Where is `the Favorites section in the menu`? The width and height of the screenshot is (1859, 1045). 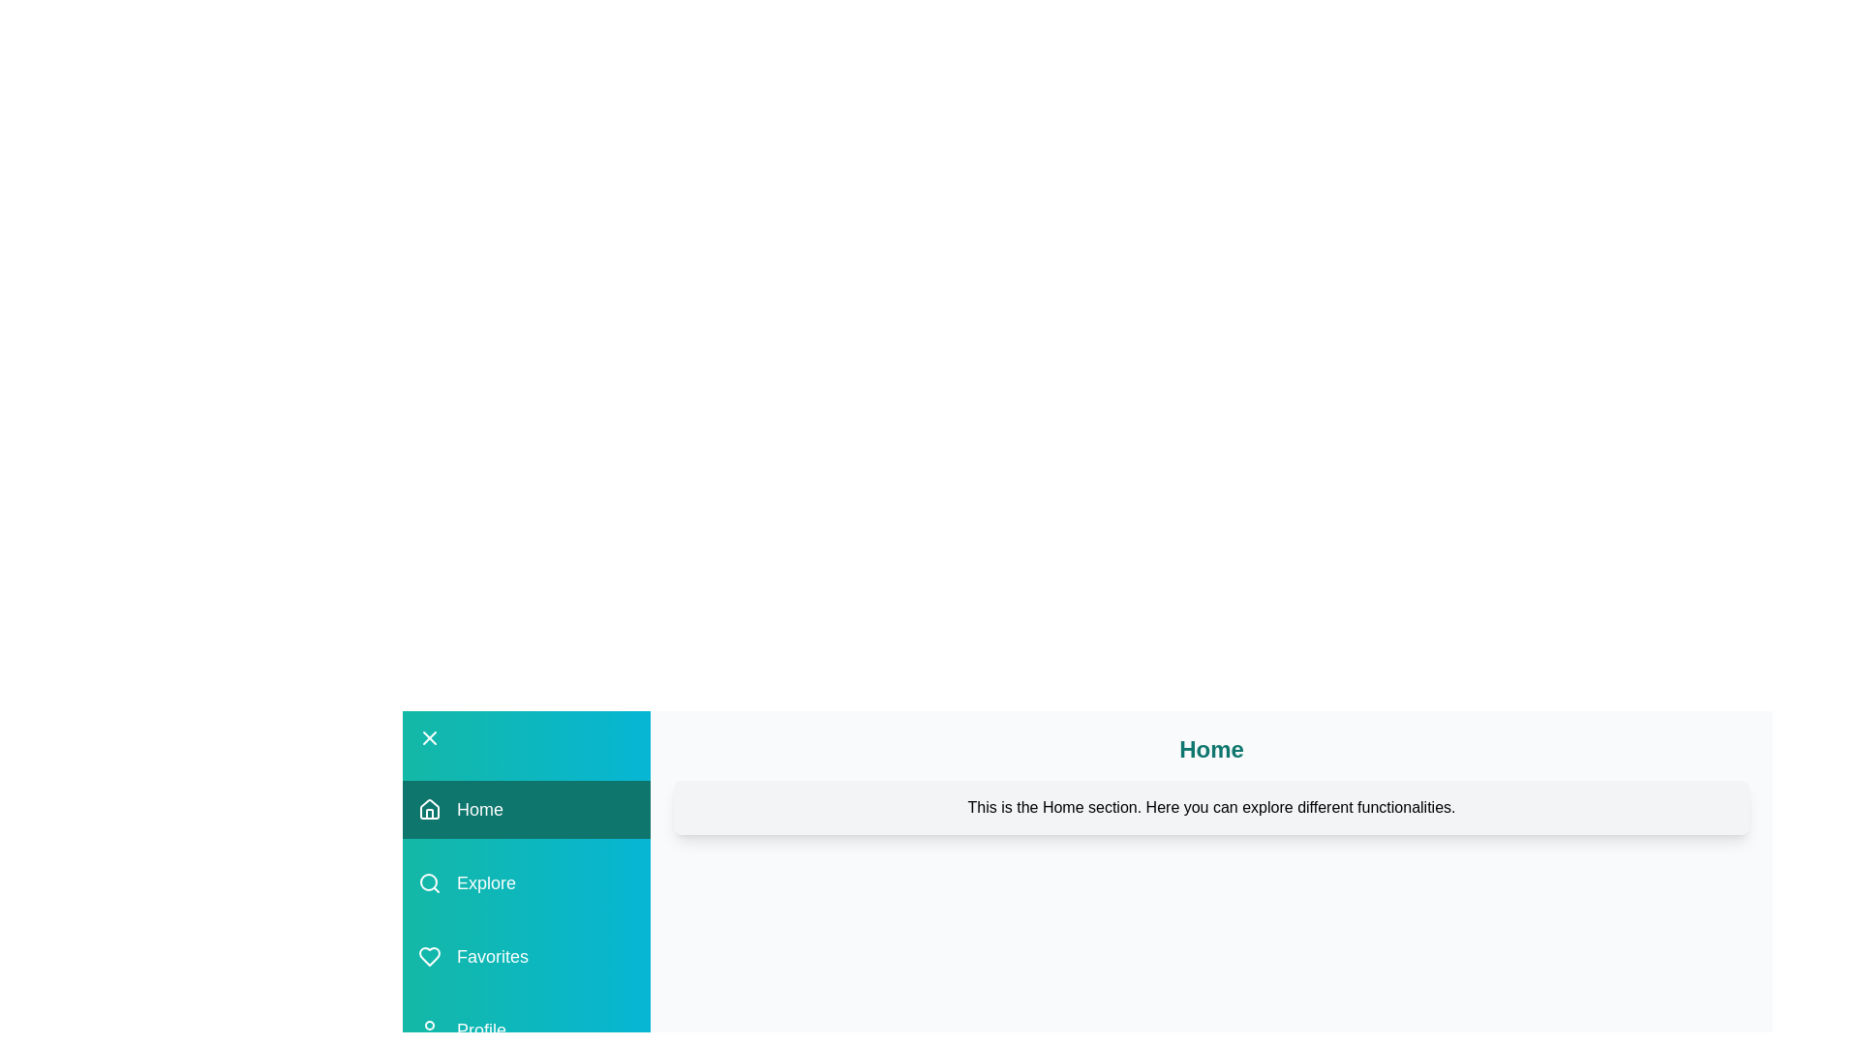 the Favorites section in the menu is located at coordinates (526, 955).